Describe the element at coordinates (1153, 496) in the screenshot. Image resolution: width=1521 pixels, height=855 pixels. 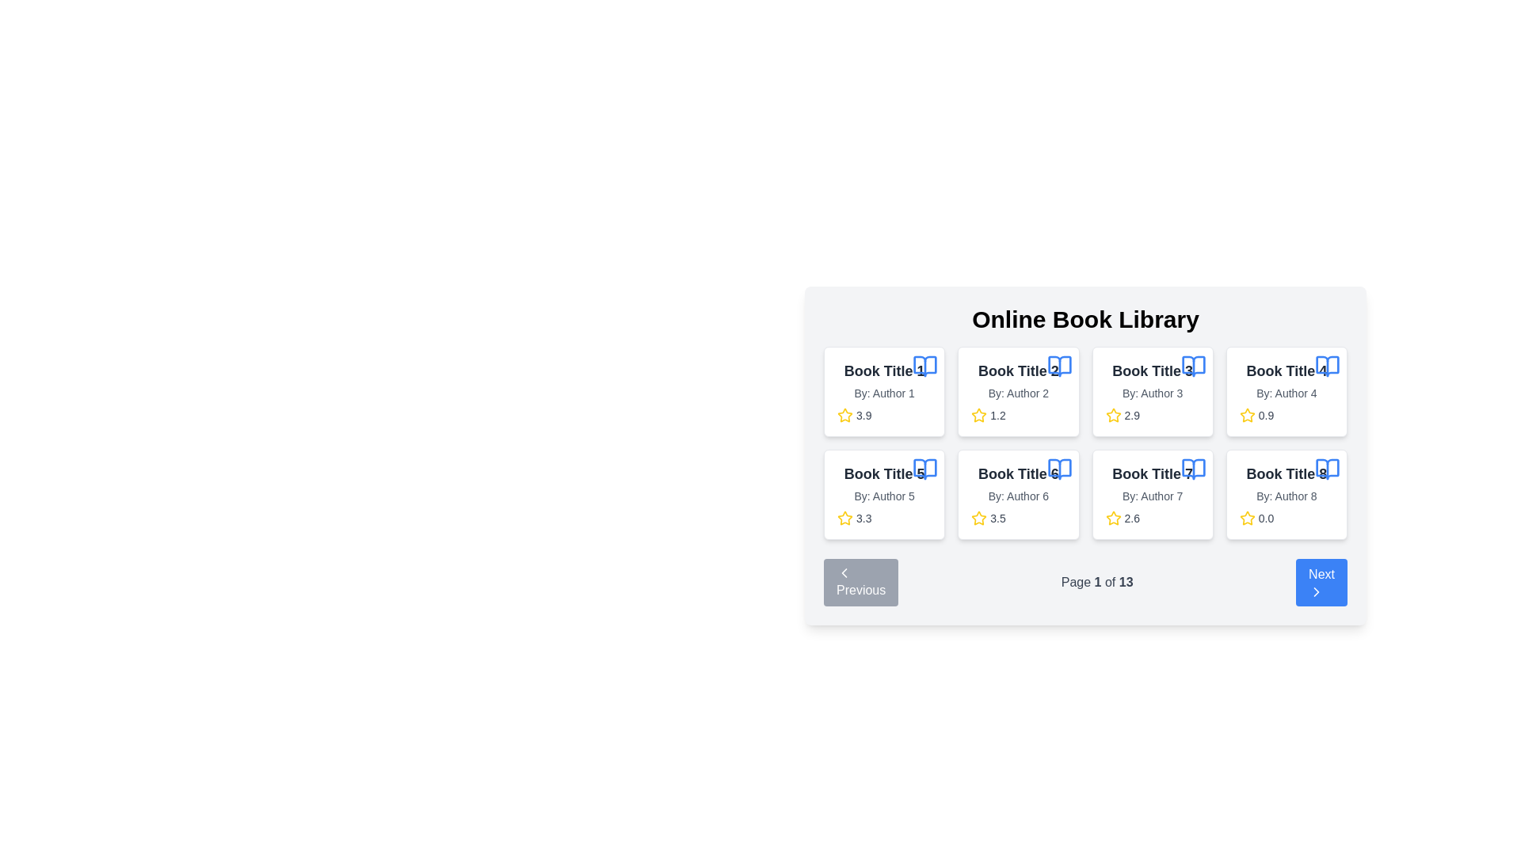
I see `the text label identifying the author of the book, located in the second card from the left in the bottom row under 'Online Book Library.'` at that location.